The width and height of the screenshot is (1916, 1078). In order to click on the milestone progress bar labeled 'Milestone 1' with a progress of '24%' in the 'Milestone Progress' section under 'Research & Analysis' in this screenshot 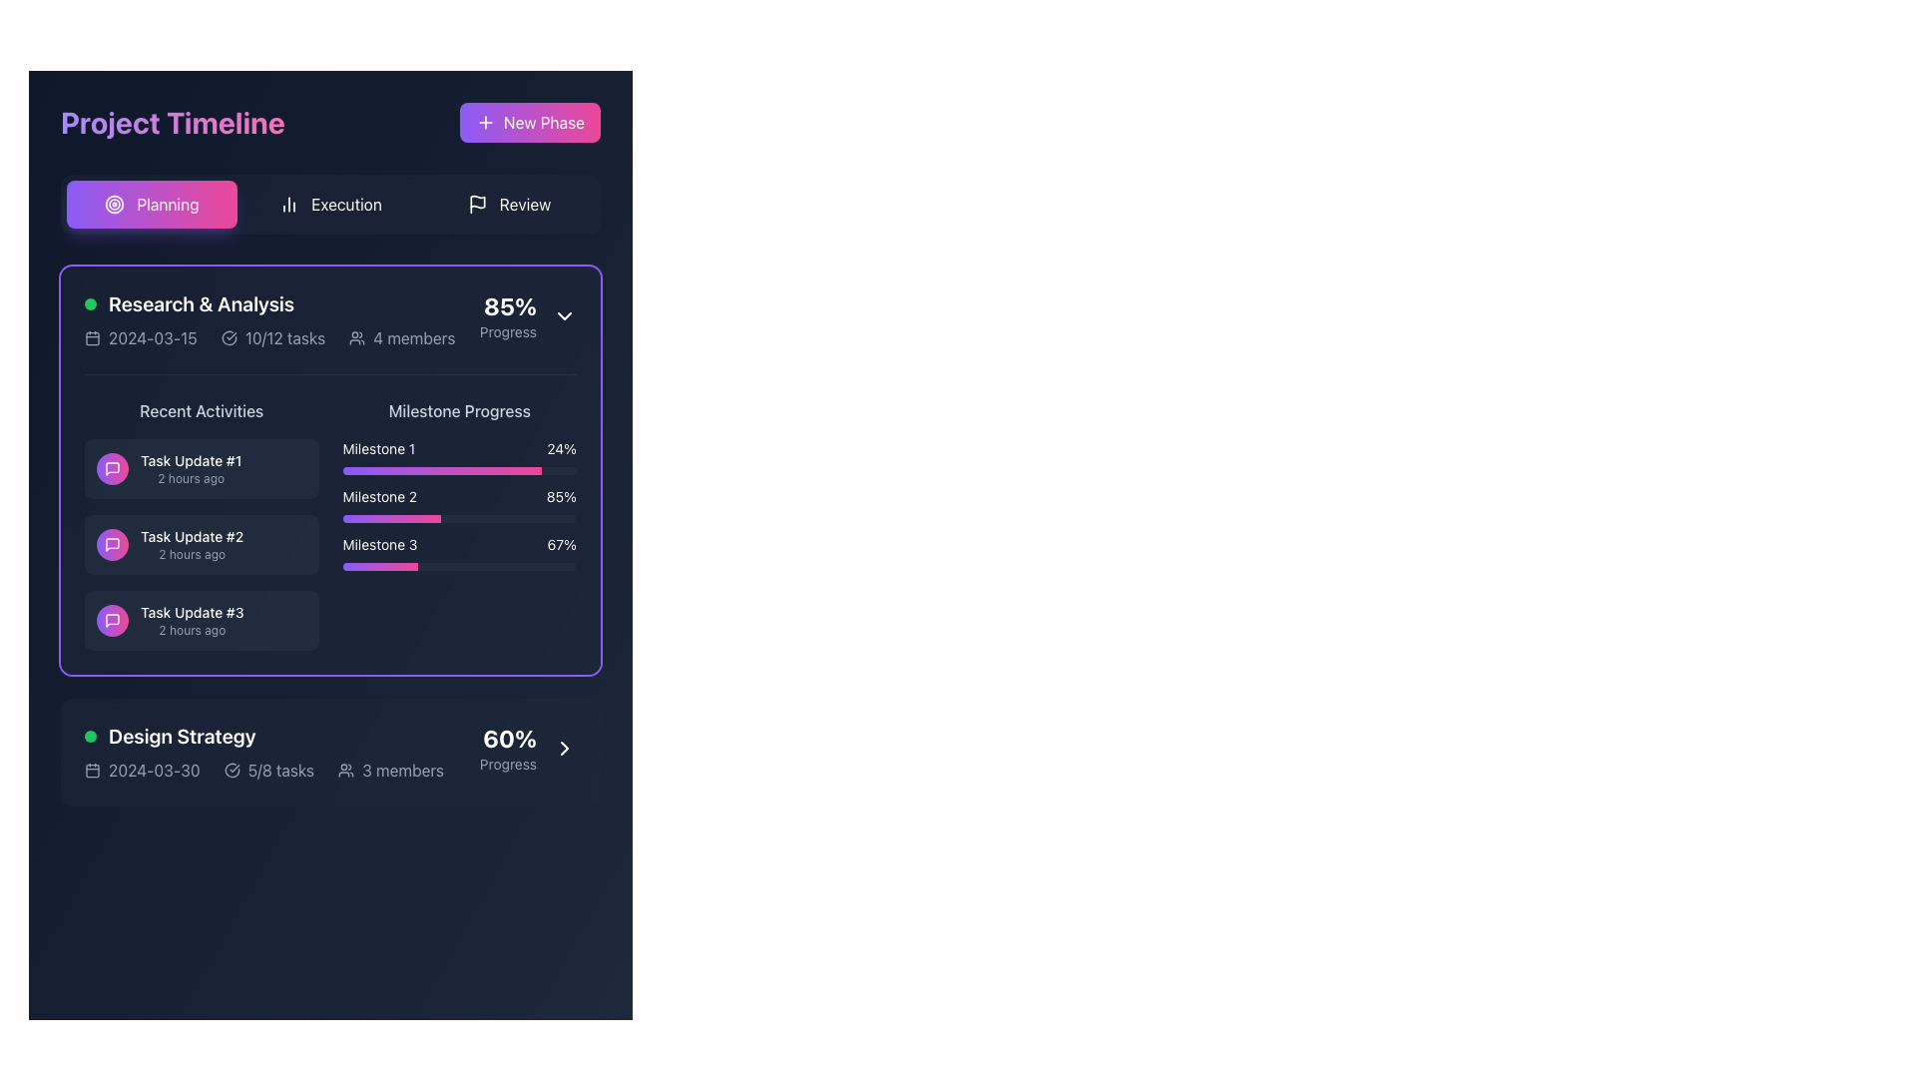, I will do `click(458, 457)`.